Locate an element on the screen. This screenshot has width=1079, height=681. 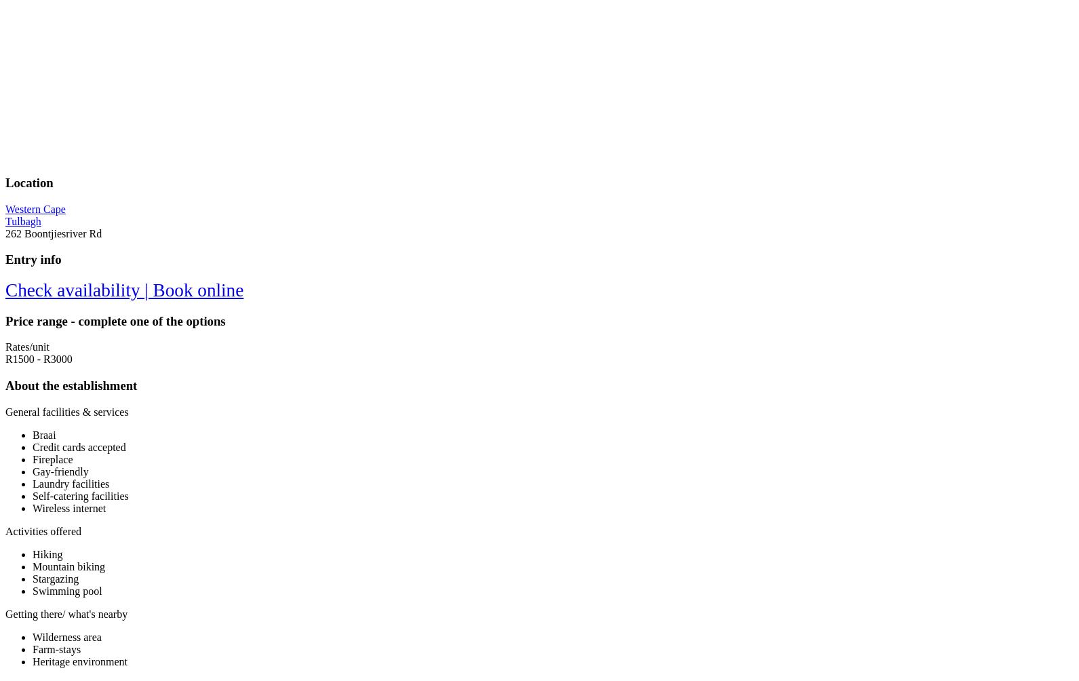
'General facilities & services' is located at coordinates (66, 411).